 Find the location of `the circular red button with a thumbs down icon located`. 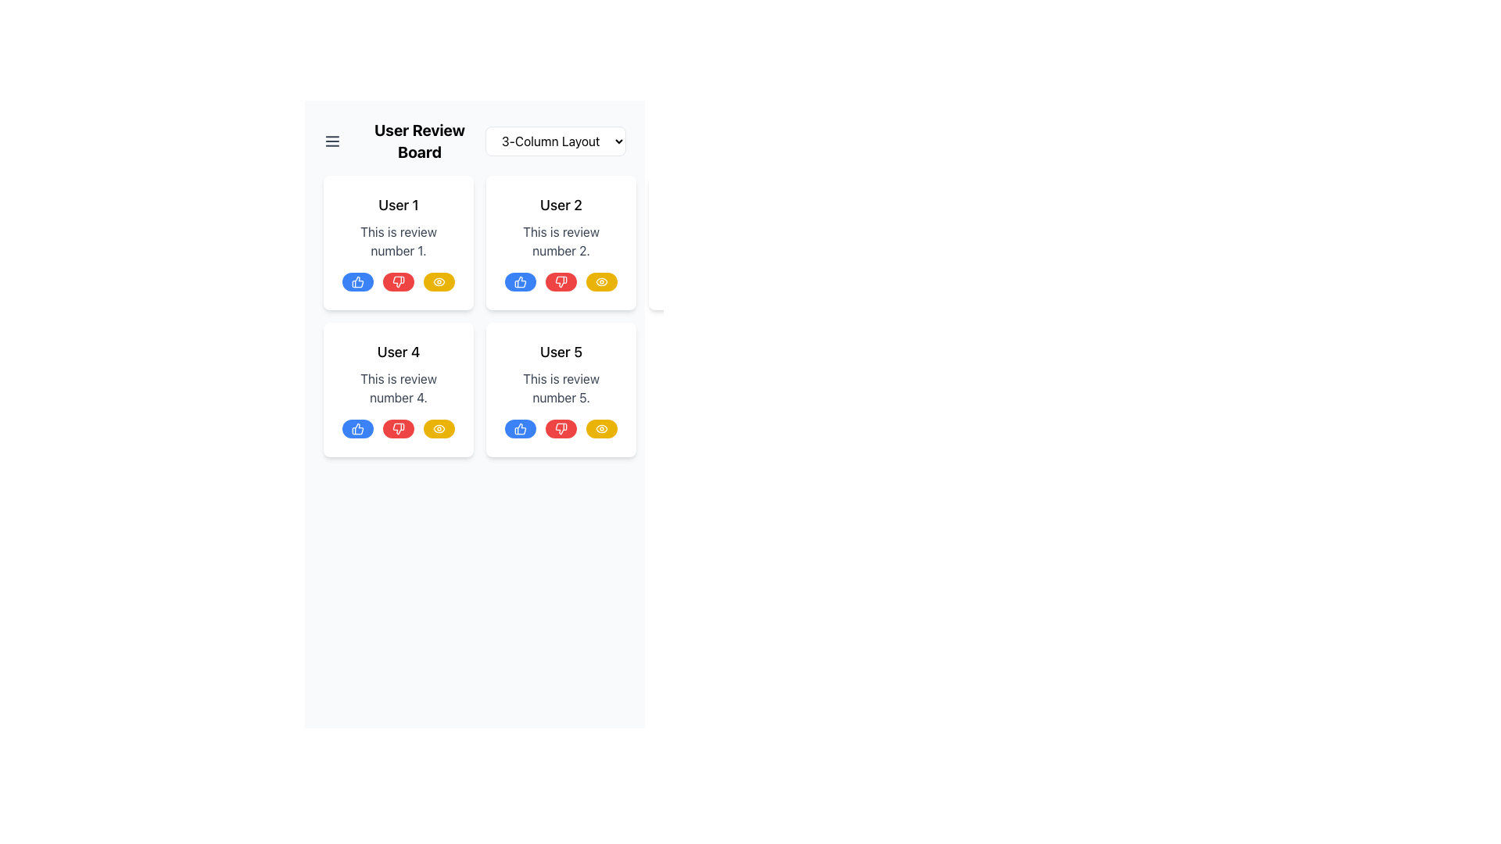

the circular red button with a thumbs down icon located is located at coordinates (561, 282).